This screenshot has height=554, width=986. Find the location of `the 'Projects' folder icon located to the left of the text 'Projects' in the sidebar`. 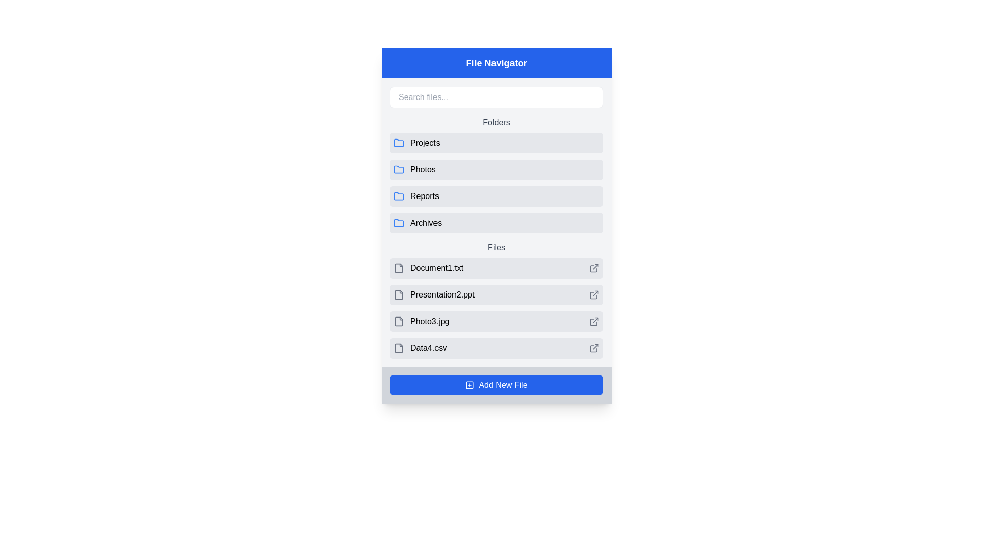

the 'Projects' folder icon located to the left of the text 'Projects' in the sidebar is located at coordinates (399, 142).